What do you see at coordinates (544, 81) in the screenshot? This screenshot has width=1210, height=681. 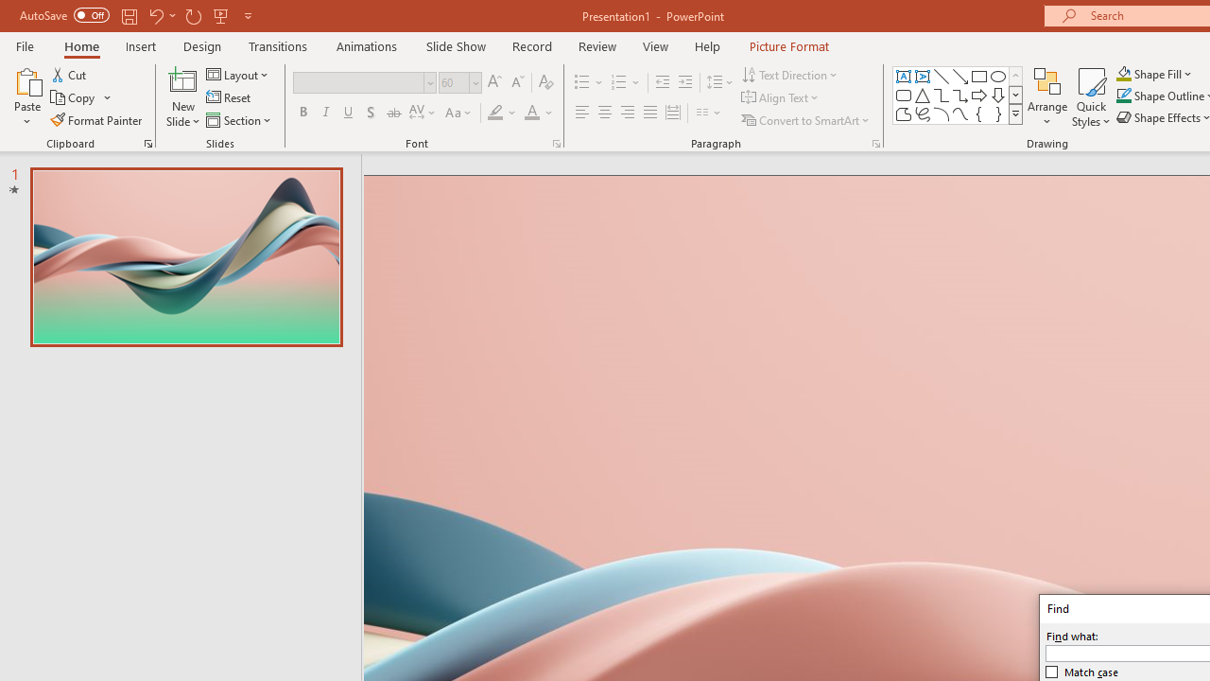 I see `'Clear Formatting'` at bounding box center [544, 81].